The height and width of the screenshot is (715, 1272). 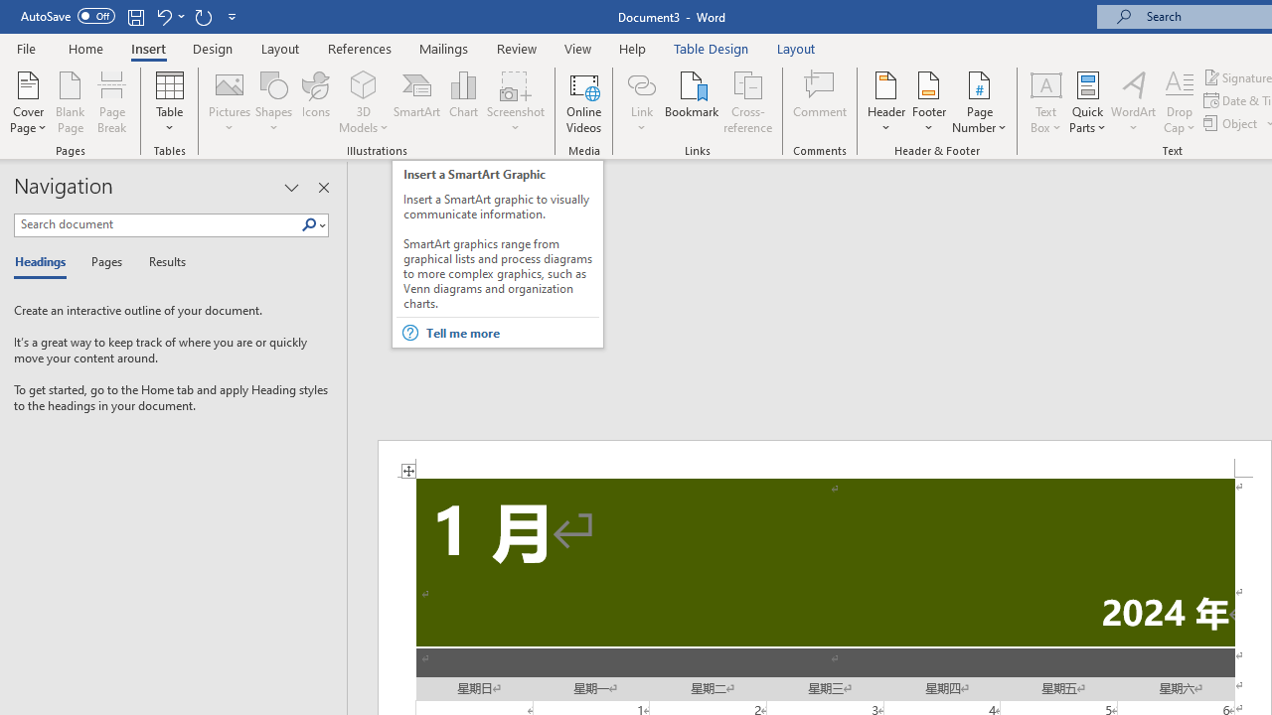 What do you see at coordinates (415, 102) in the screenshot?
I see `'SmartArt...'` at bounding box center [415, 102].